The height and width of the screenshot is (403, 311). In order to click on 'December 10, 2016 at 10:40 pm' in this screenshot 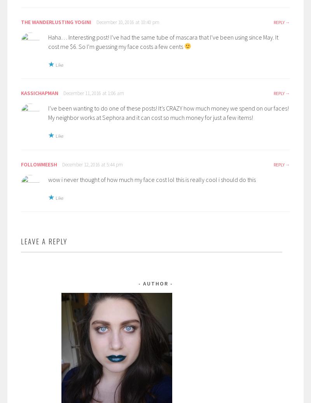, I will do `click(128, 21)`.